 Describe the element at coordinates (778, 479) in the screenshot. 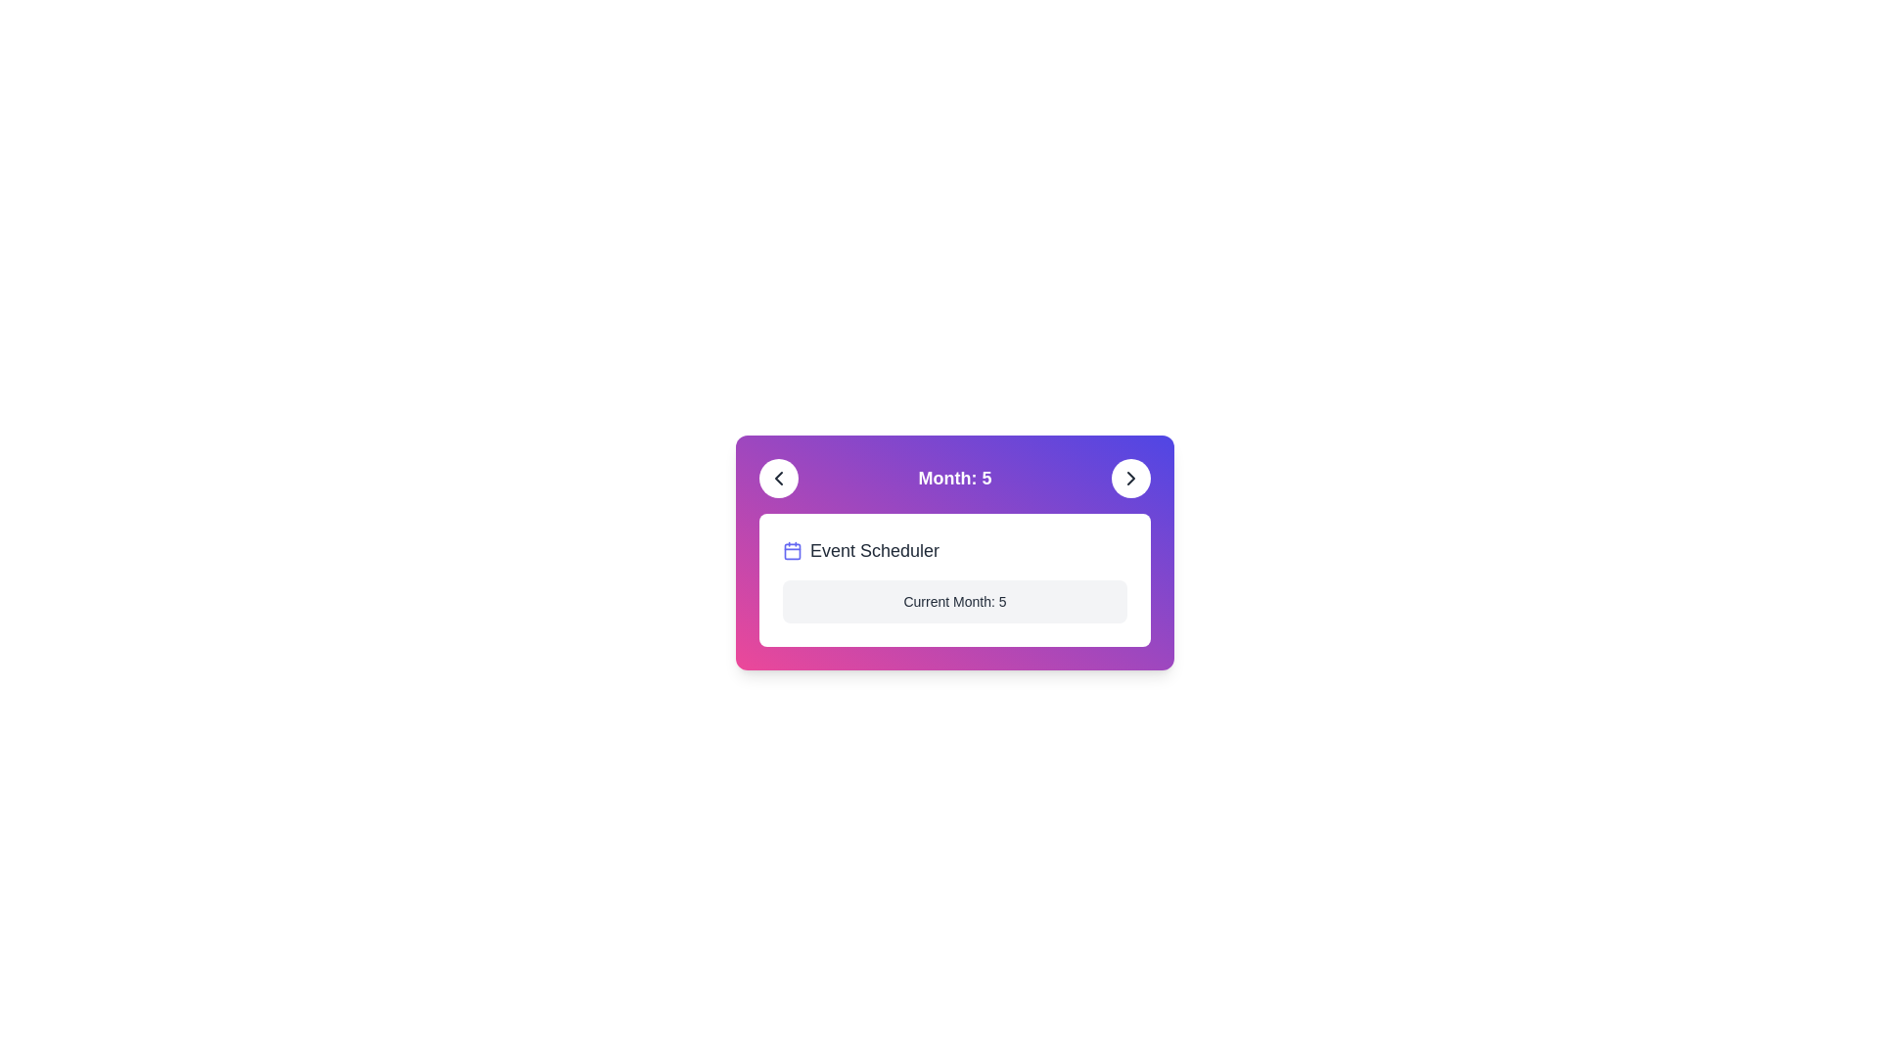

I see `the back navigation button with a left-pointing chevron icon` at that location.